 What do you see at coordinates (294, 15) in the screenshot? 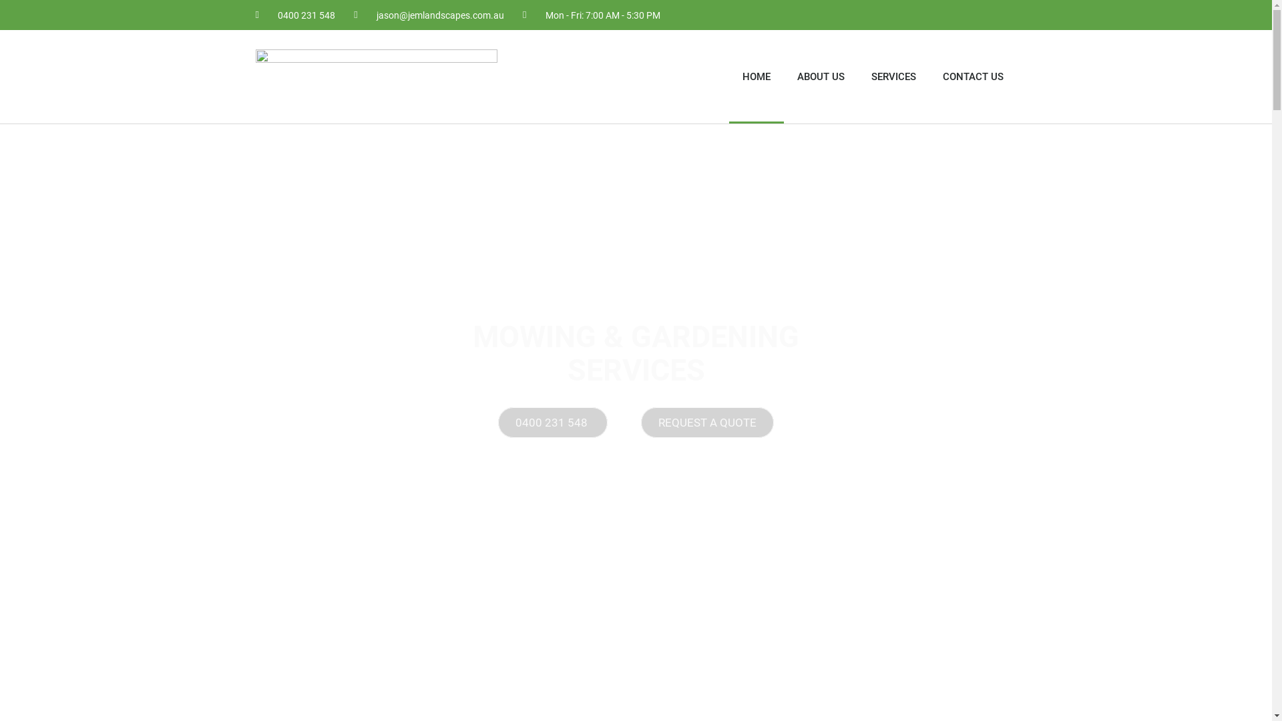
I see `'0400 231 548'` at bounding box center [294, 15].